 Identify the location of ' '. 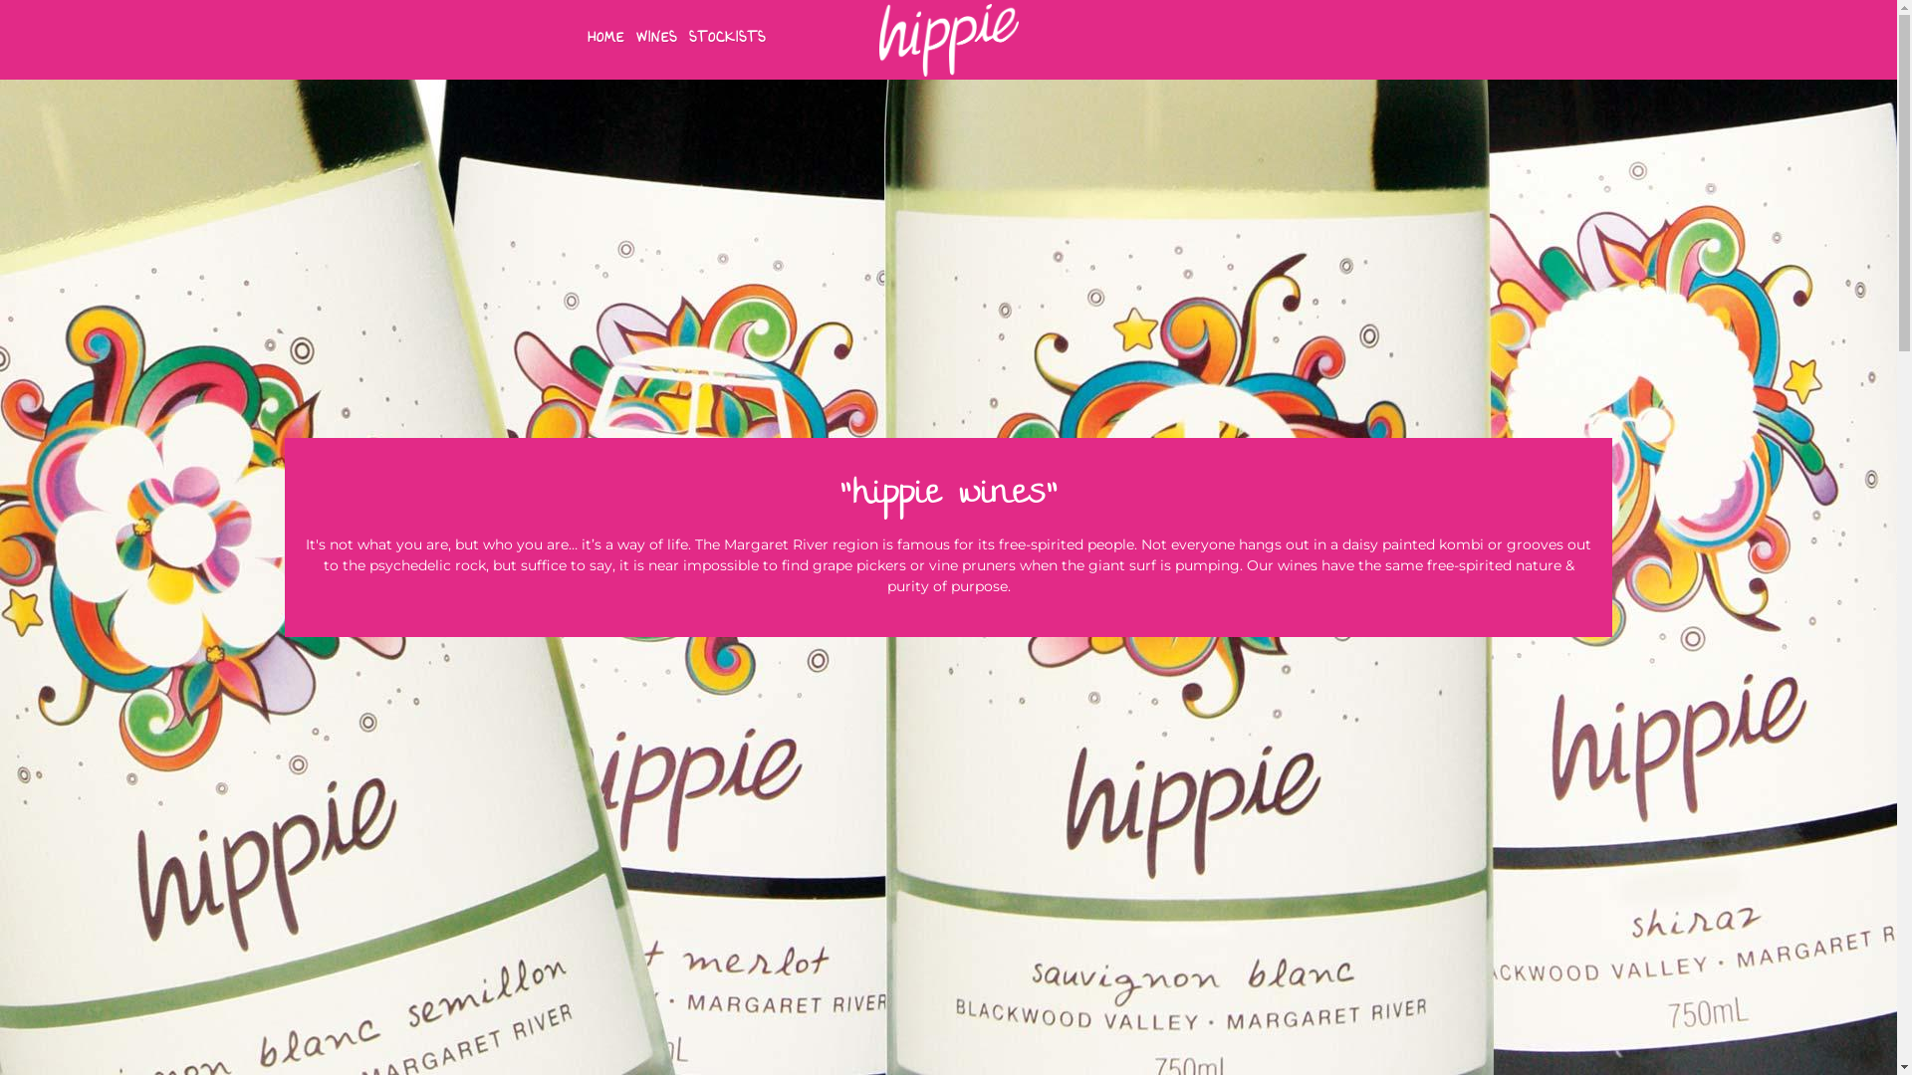
(0, 10).